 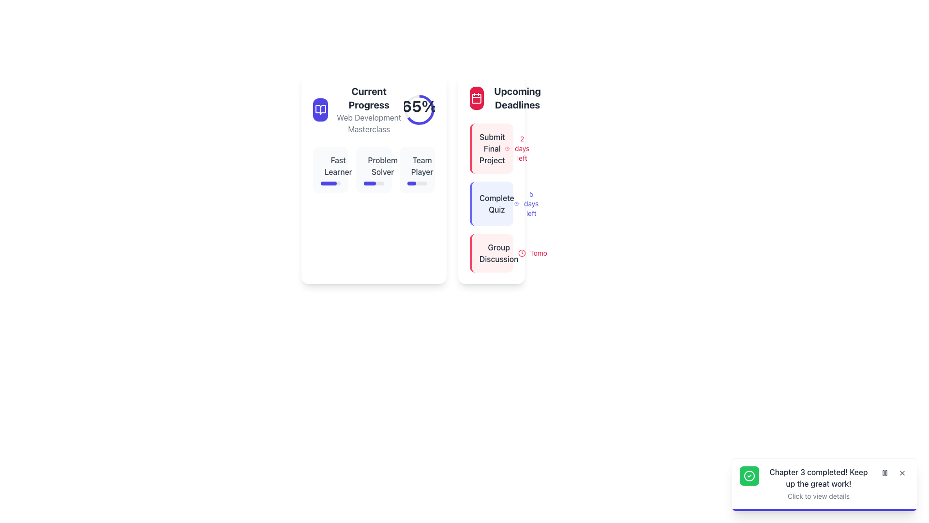 I want to click on the Close button on the right side of the notification pop-up, so click(x=902, y=472).